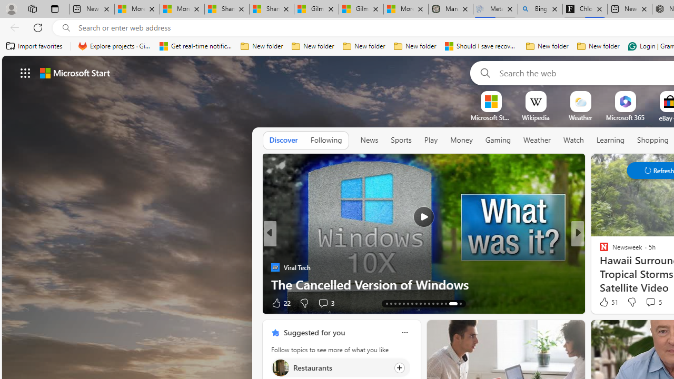  I want to click on 'AutomationID: tab-32', so click(453, 304).